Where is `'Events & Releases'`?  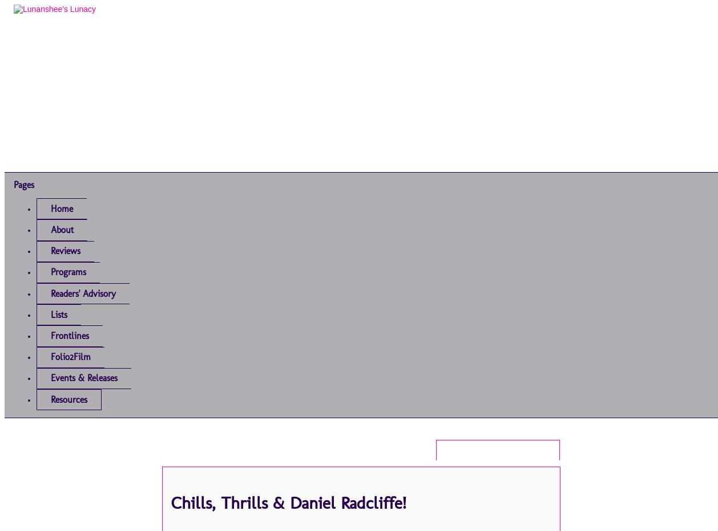 'Events & Releases' is located at coordinates (84, 378).